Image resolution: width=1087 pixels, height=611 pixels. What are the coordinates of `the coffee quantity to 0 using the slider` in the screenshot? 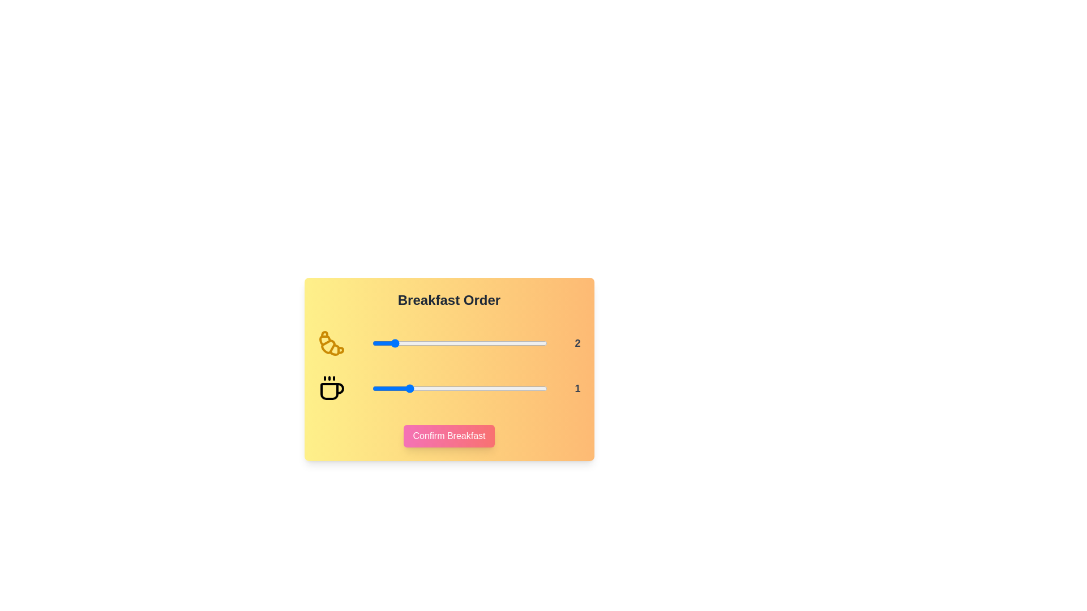 It's located at (372, 388).